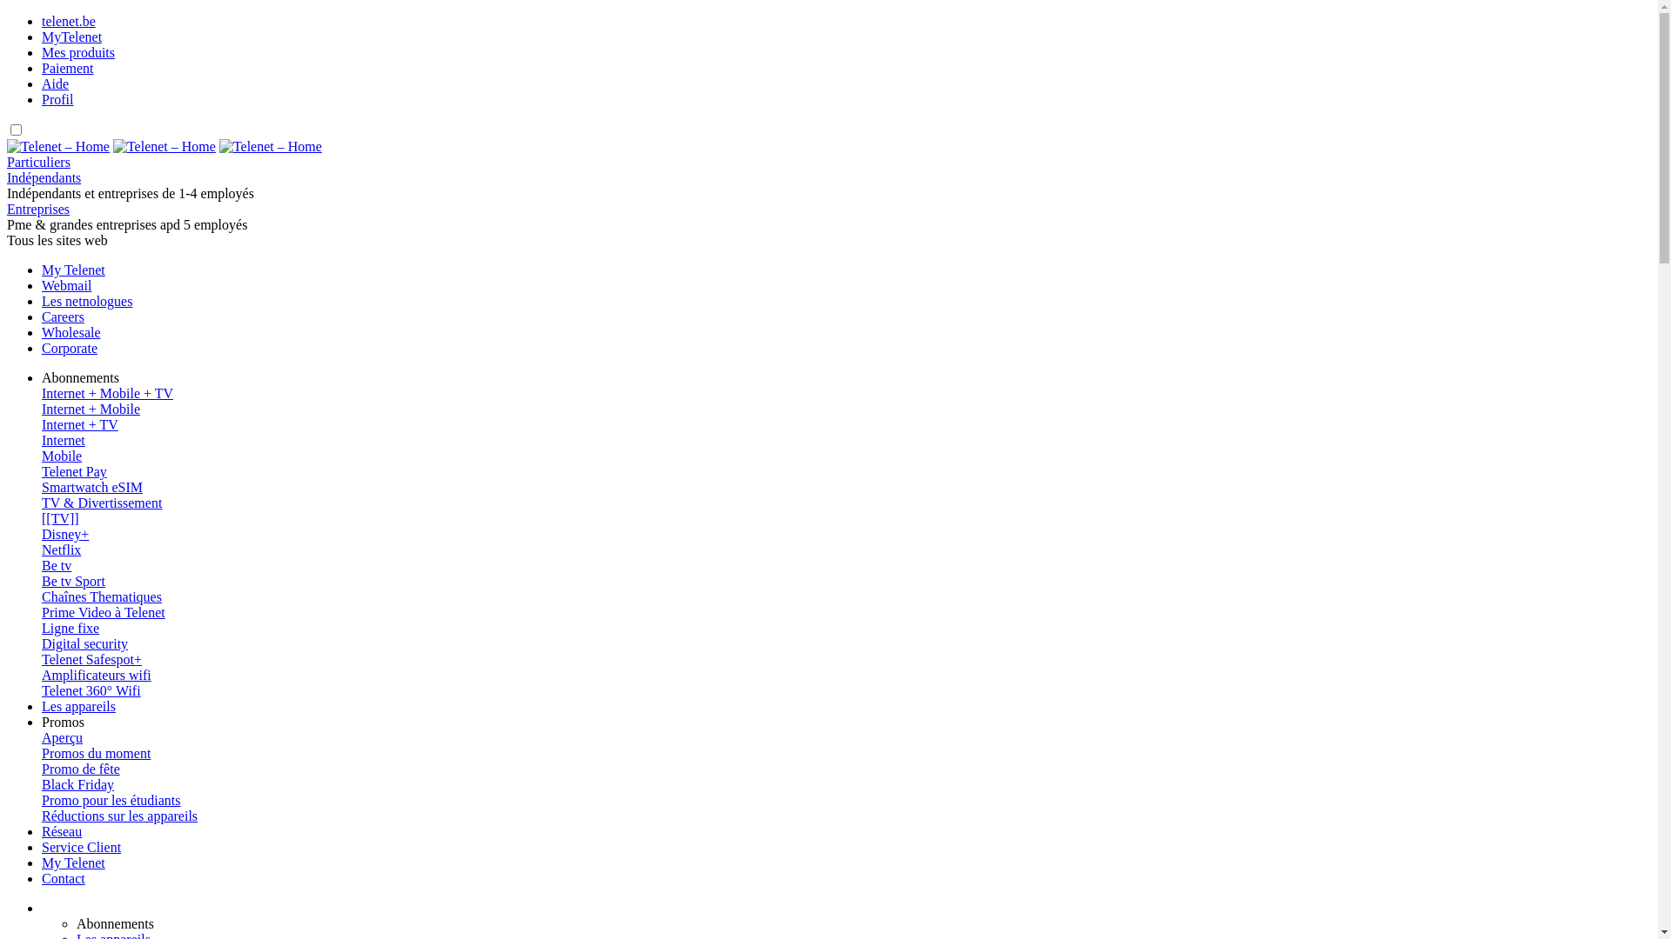  I want to click on 'Promos', so click(63, 722).